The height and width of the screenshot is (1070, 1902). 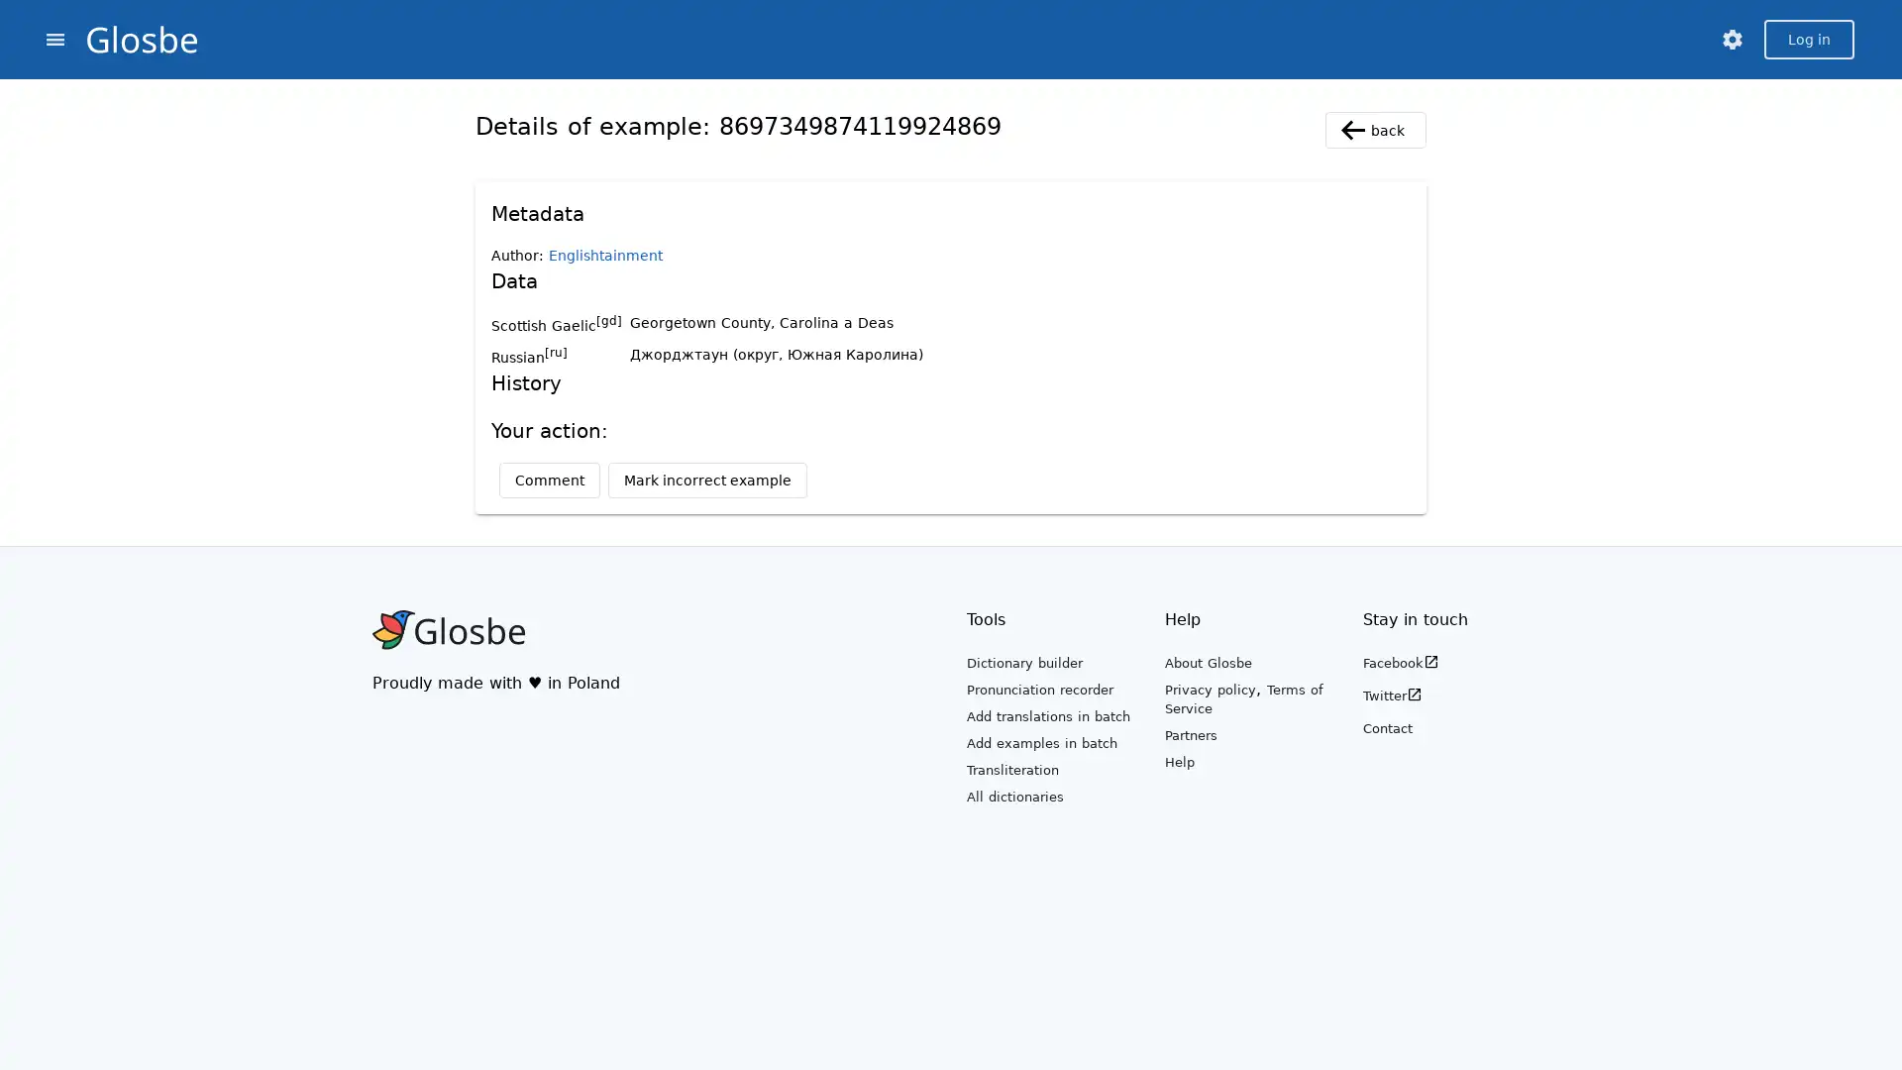 I want to click on Mark incorrect example, so click(x=707, y=481).